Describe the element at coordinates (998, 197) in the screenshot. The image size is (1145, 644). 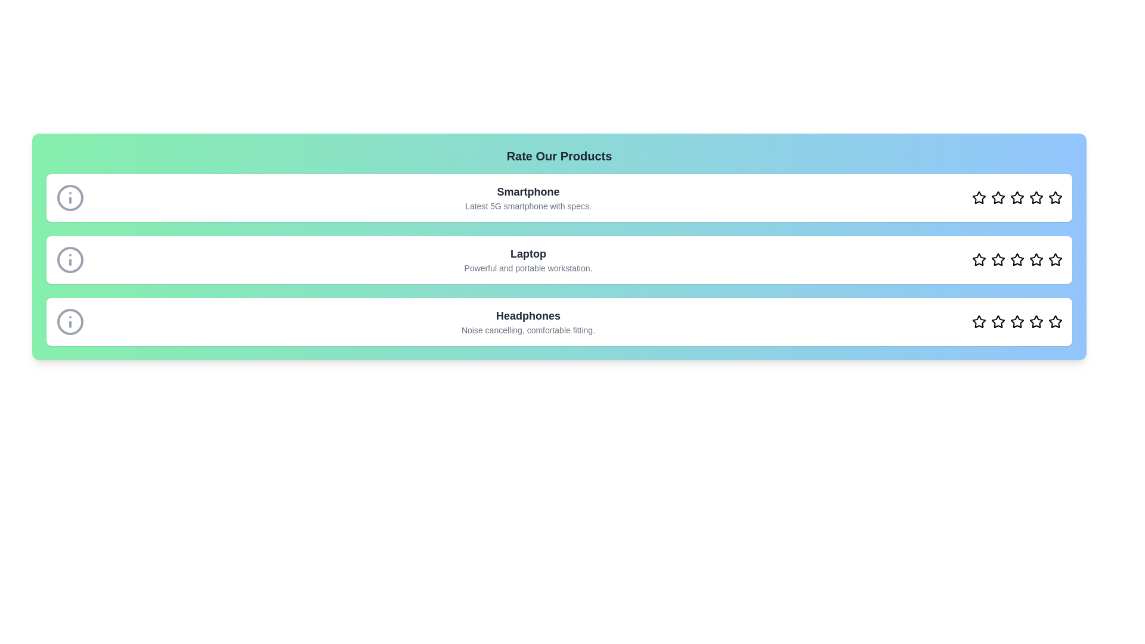
I see `the second star icon` at that location.